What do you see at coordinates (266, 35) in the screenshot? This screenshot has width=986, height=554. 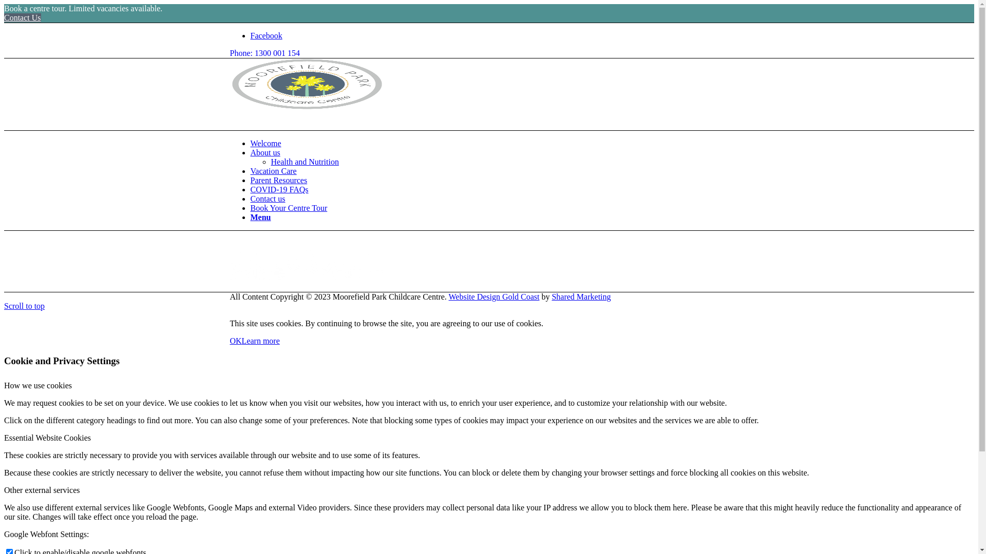 I see `'Facebook'` at bounding box center [266, 35].